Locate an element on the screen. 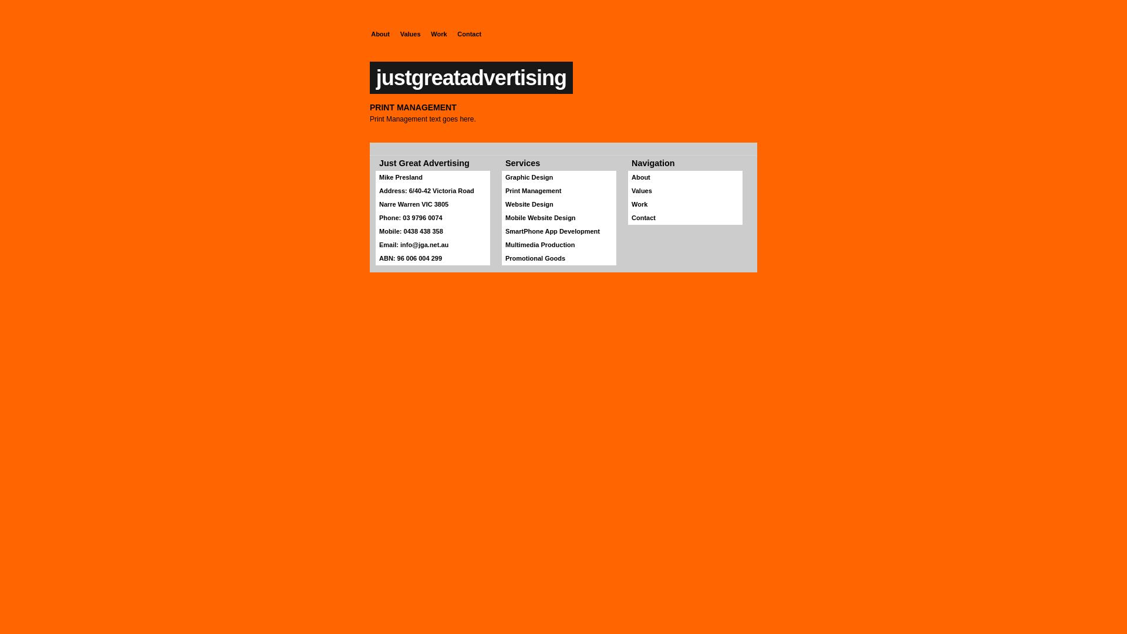 Image resolution: width=1127 pixels, height=634 pixels. 'Print Management' is located at coordinates (558, 190).